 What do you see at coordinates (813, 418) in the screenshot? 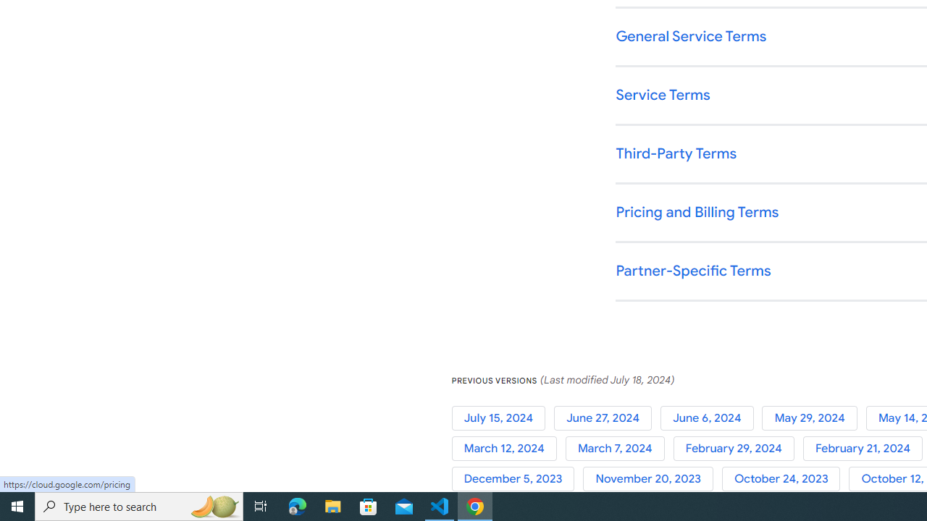
I see `'May 29, 2024'` at bounding box center [813, 418].